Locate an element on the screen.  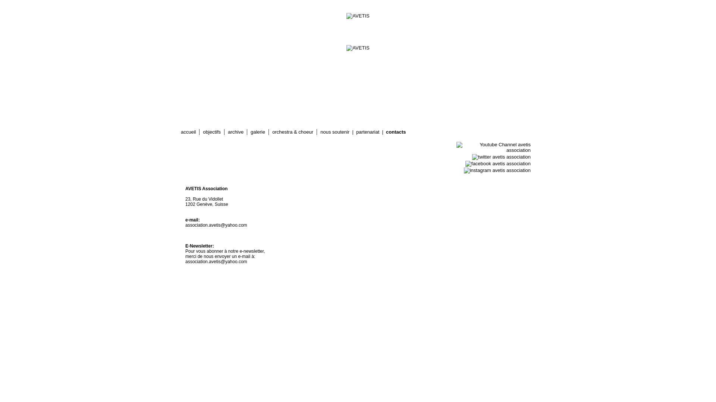
'orchestra & choeur' is located at coordinates (292, 131).